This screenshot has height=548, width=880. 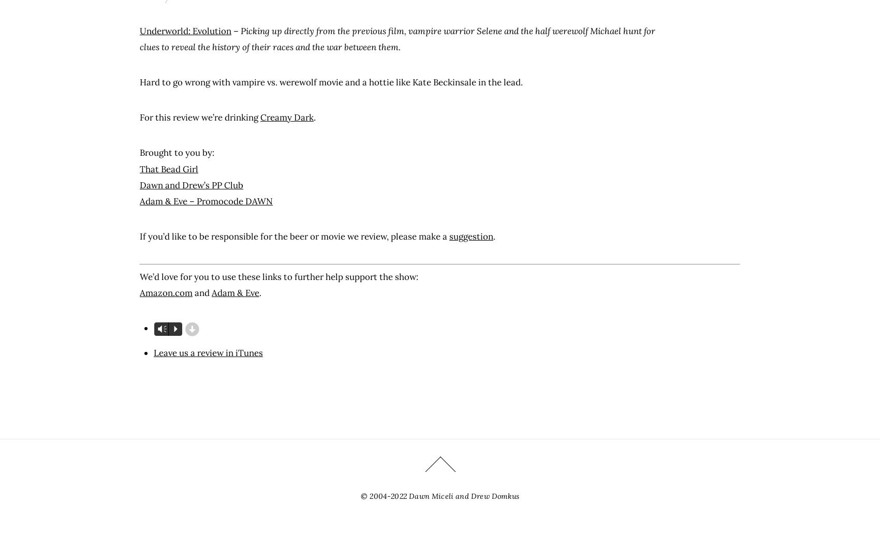 What do you see at coordinates (294, 236) in the screenshot?
I see `'If you’d like to be responsible for the beer or movie we review, please make a'` at bounding box center [294, 236].